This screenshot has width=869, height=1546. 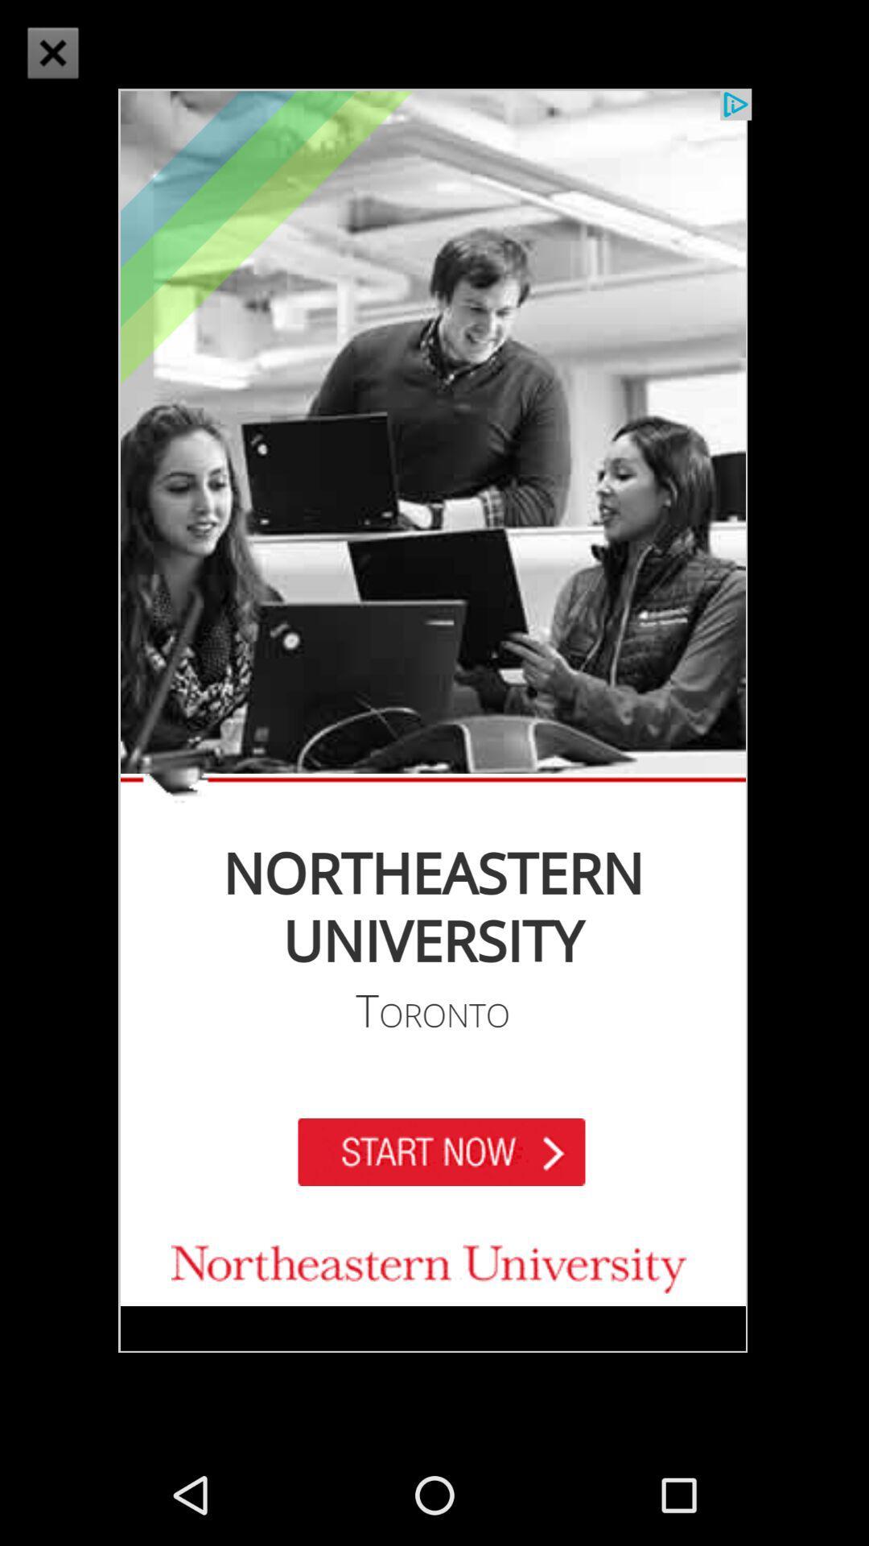 I want to click on the close icon, so click(x=62, y=67).